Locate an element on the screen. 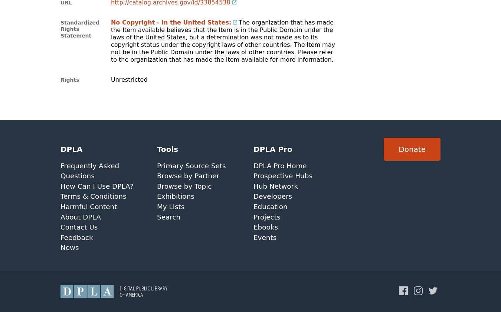 The width and height of the screenshot is (501, 312). 'Feedback' is located at coordinates (60, 237).